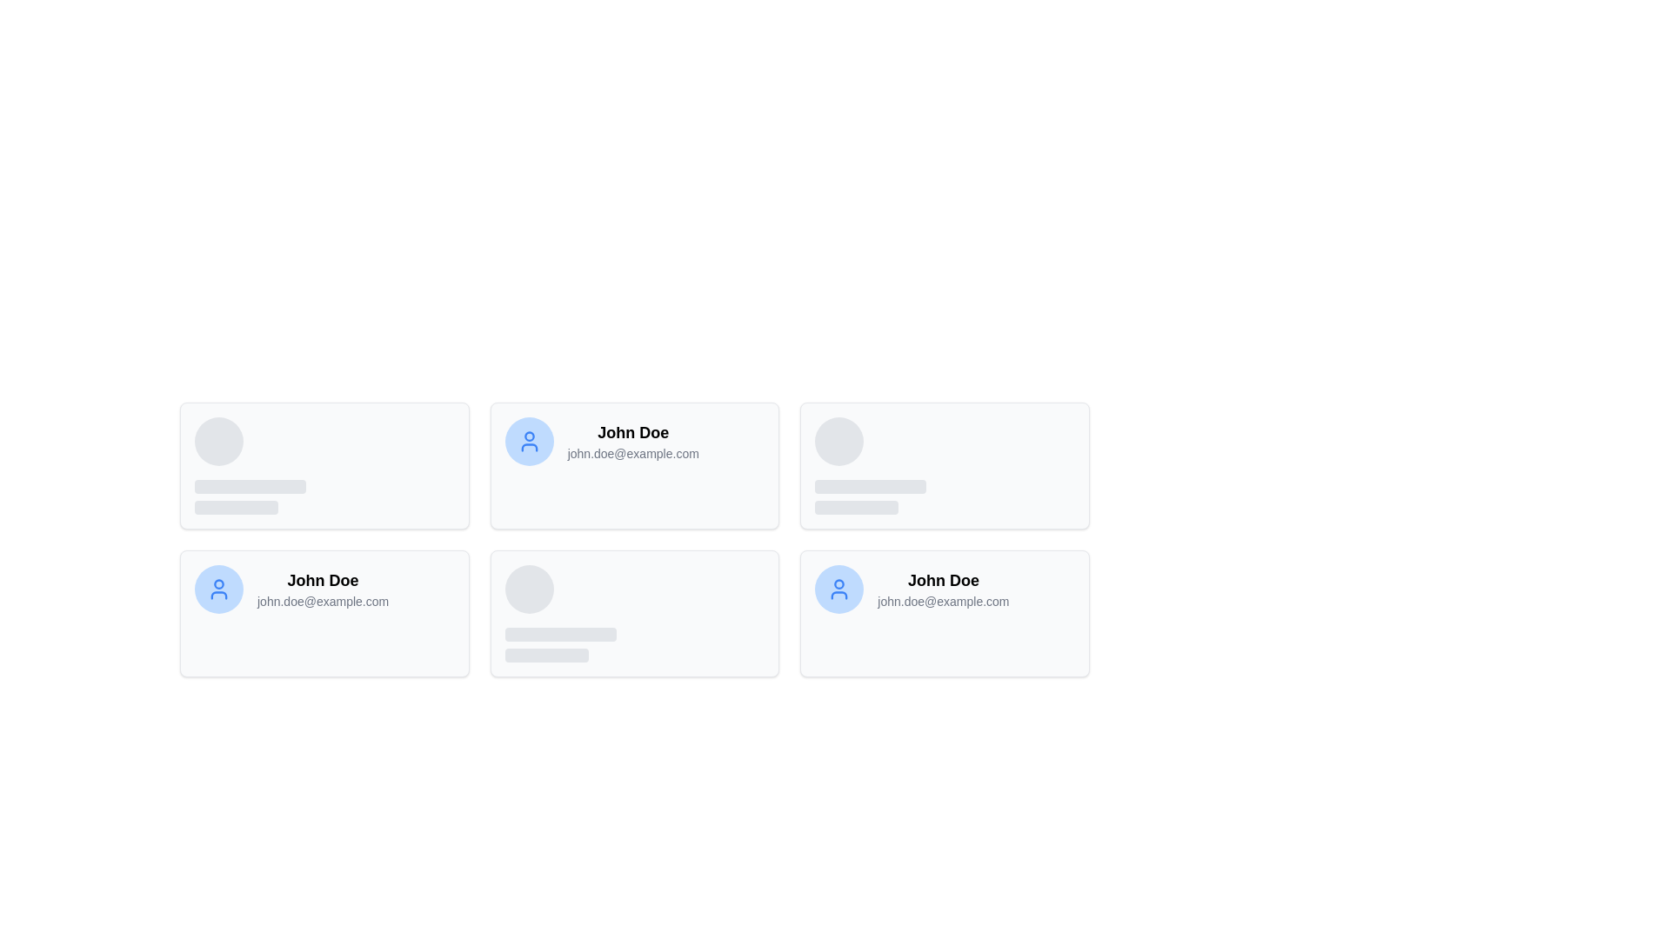  I want to click on the user profile name text label, which is centrally located in the second box of the top row in the grid layout, above the email address and next to the profile icon, so click(632, 431).